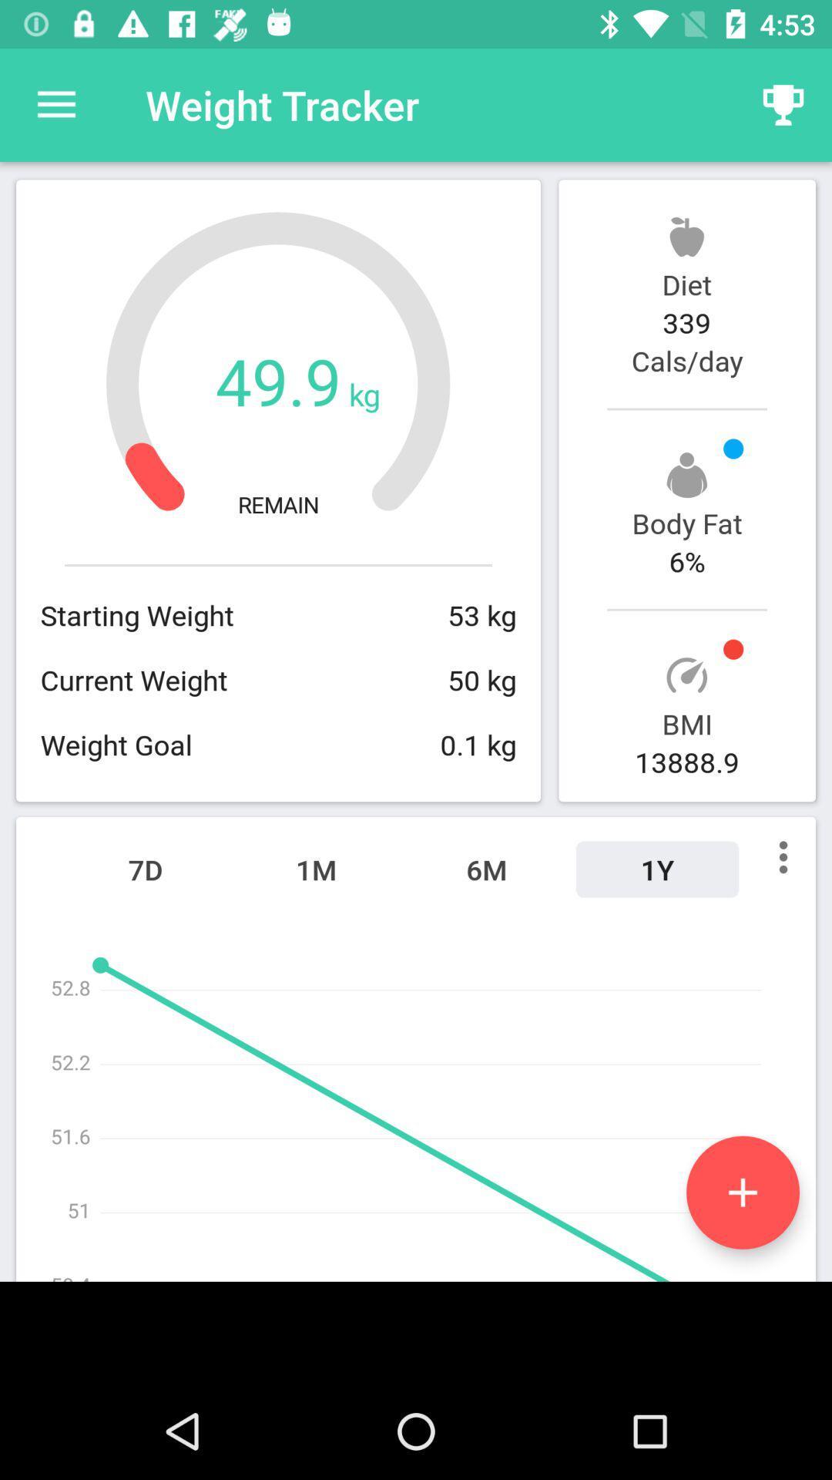  I want to click on expands graph, so click(742, 1192).